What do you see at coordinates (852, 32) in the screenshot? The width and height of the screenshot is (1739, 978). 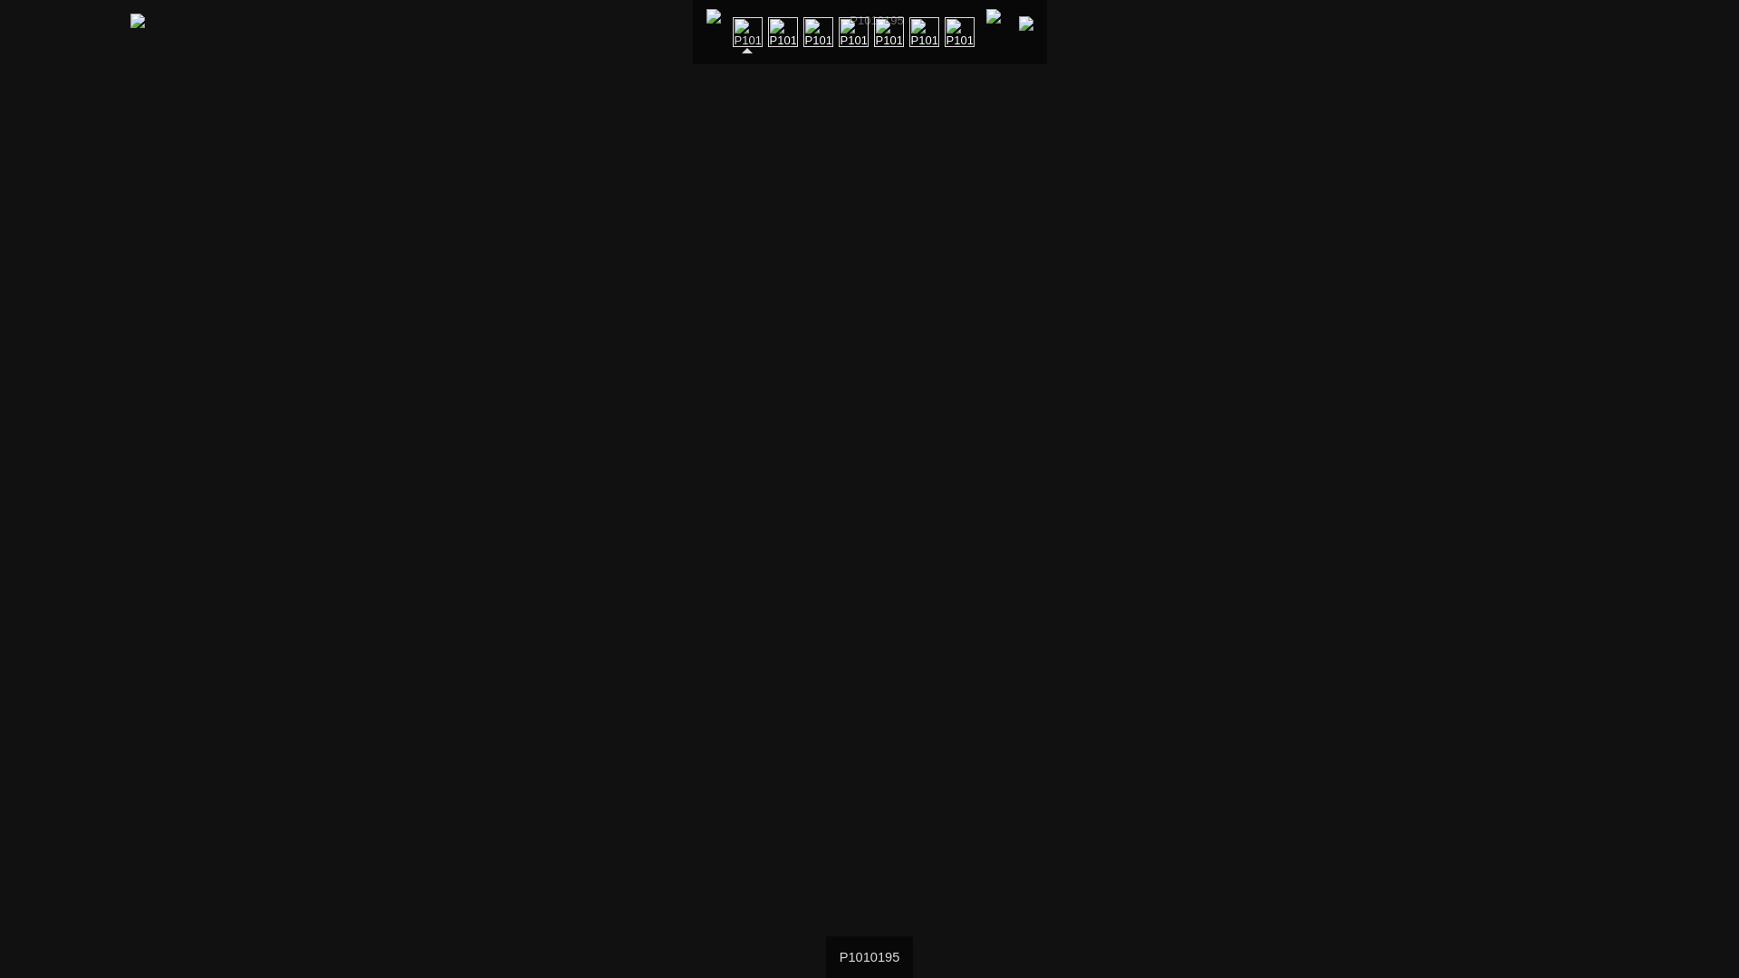 I see `'P1010075'` at bounding box center [852, 32].